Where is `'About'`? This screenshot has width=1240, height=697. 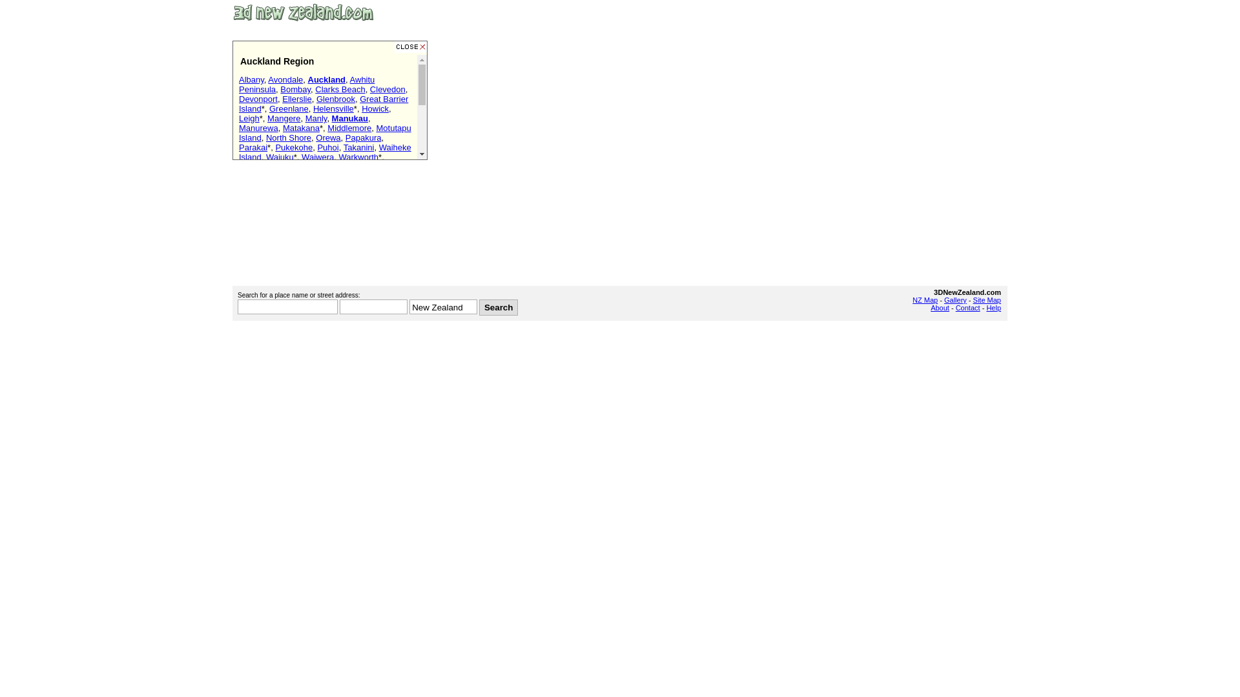 'About' is located at coordinates (940, 308).